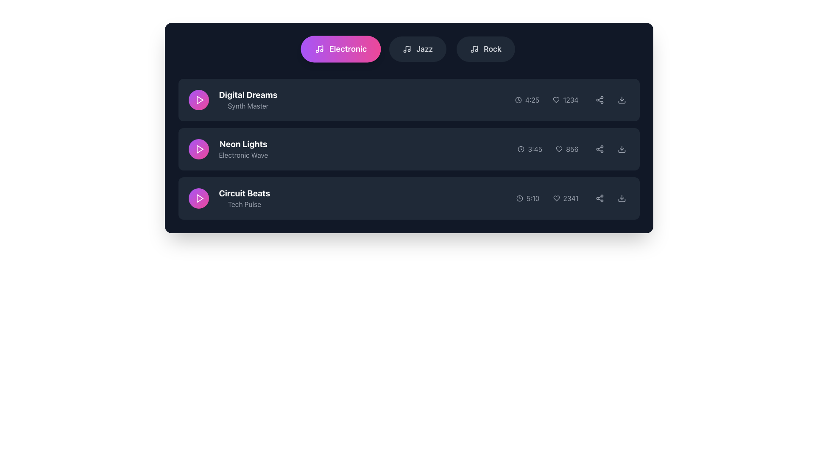  I want to click on the heart icon located, so click(559, 148).